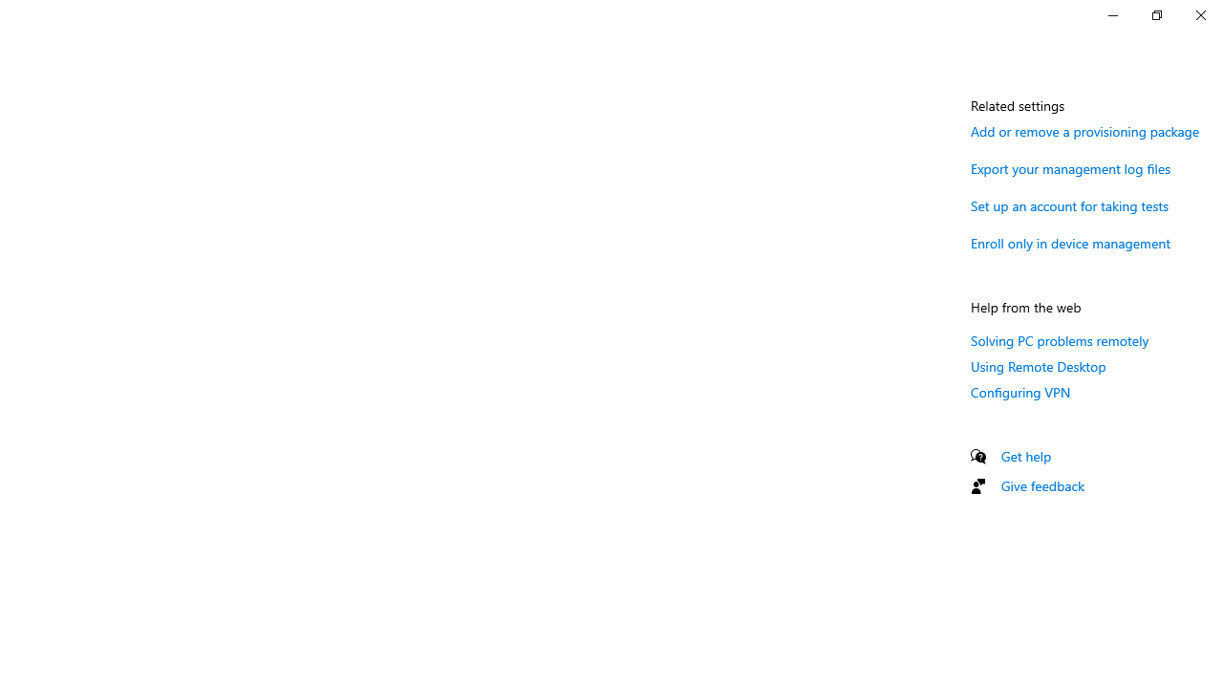 The width and height of the screenshot is (1223, 688). Describe the element at coordinates (1085, 130) in the screenshot. I see `'Add or remove a provisioning package'` at that location.